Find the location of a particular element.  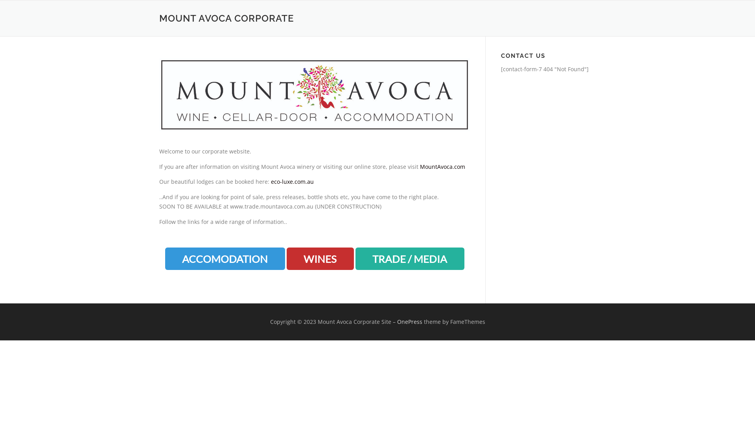

'MountAvoca.com' is located at coordinates (420, 166).